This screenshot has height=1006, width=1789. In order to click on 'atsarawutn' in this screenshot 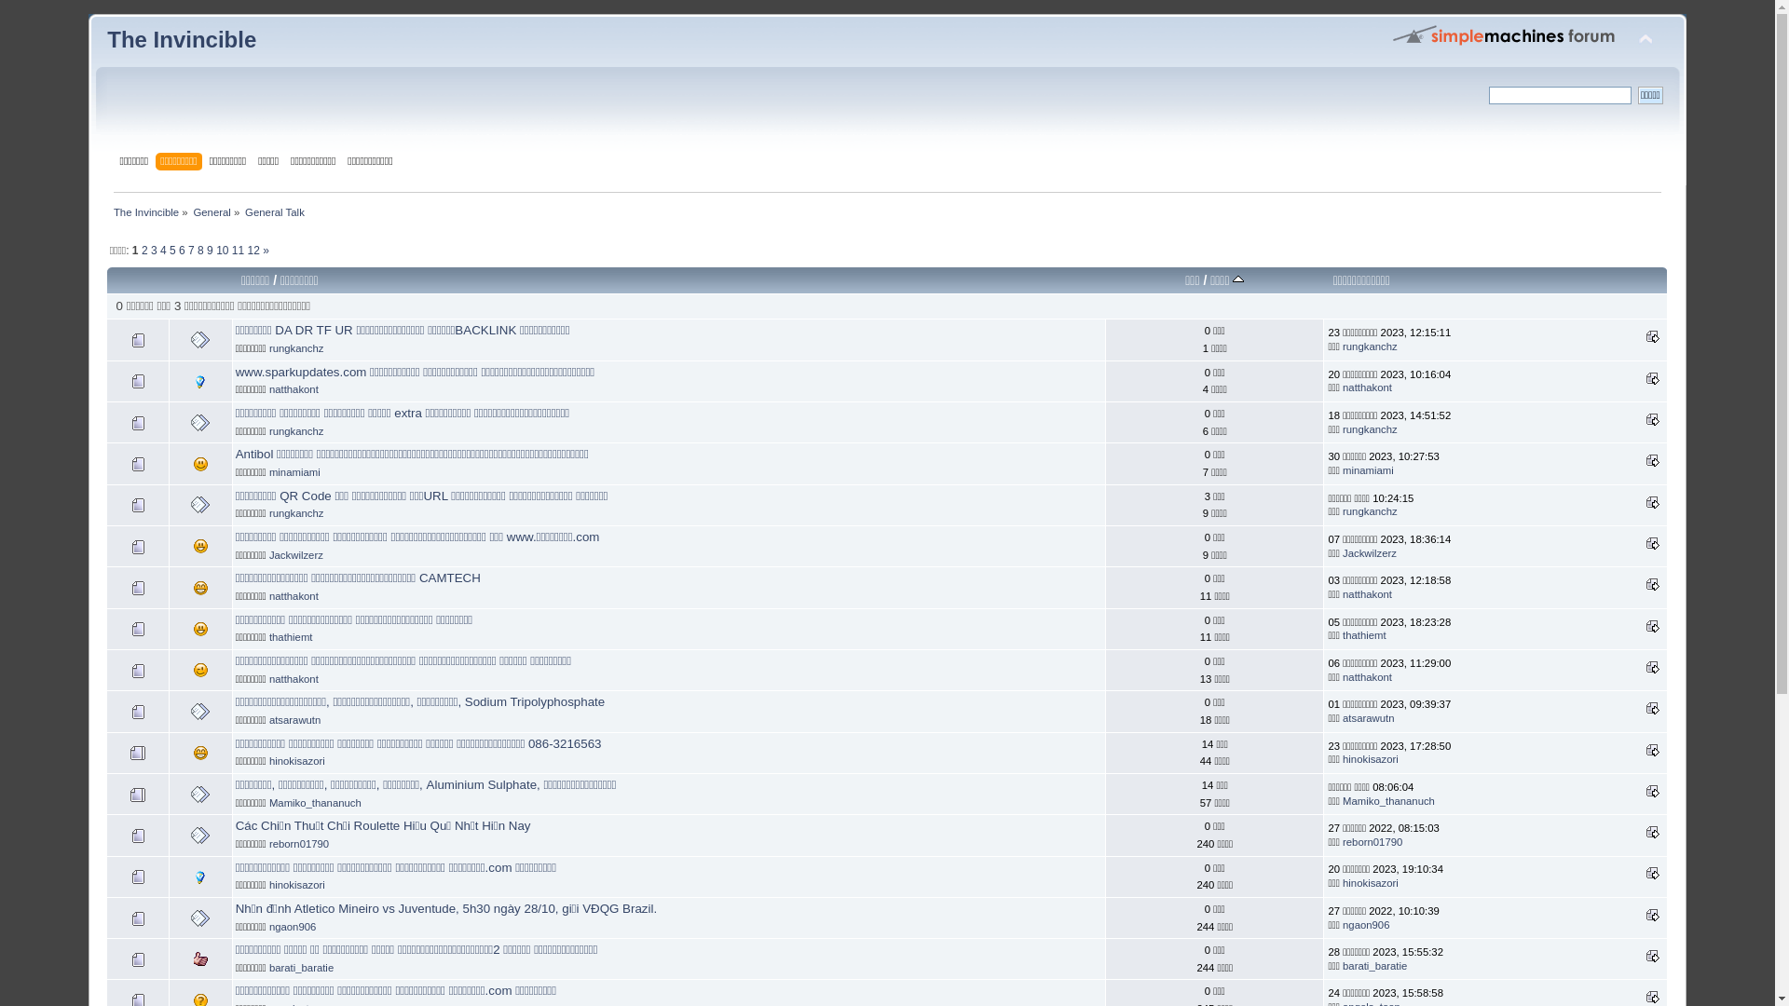, I will do `click(1368, 717)`.